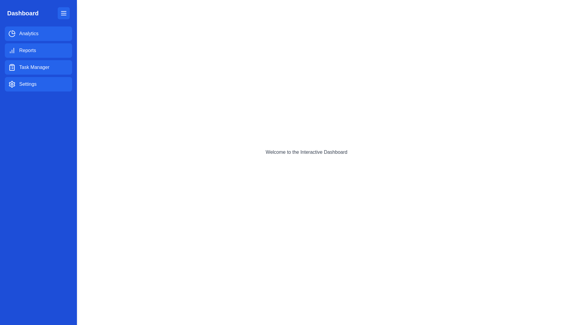  What do you see at coordinates (306, 152) in the screenshot?
I see `the header containing the text 'Welcome to the Interactive Dashboard' to read its content` at bounding box center [306, 152].